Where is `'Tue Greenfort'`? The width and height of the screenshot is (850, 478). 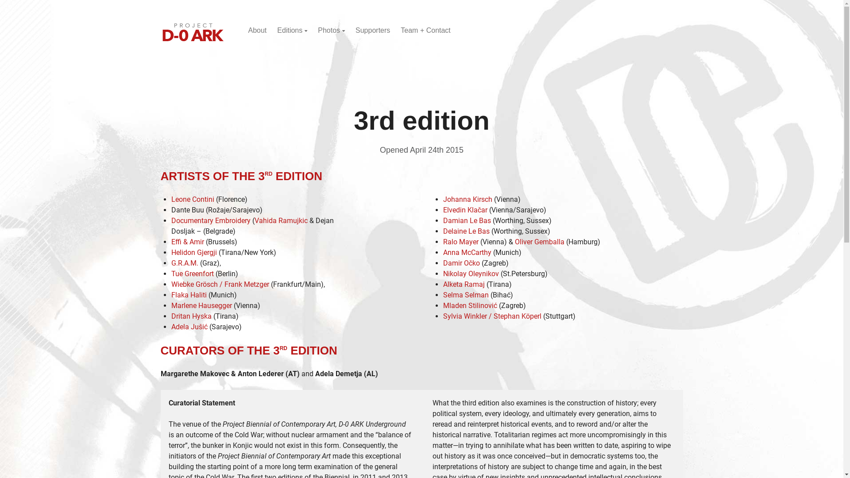
'Tue Greenfort' is located at coordinates (170, 273).